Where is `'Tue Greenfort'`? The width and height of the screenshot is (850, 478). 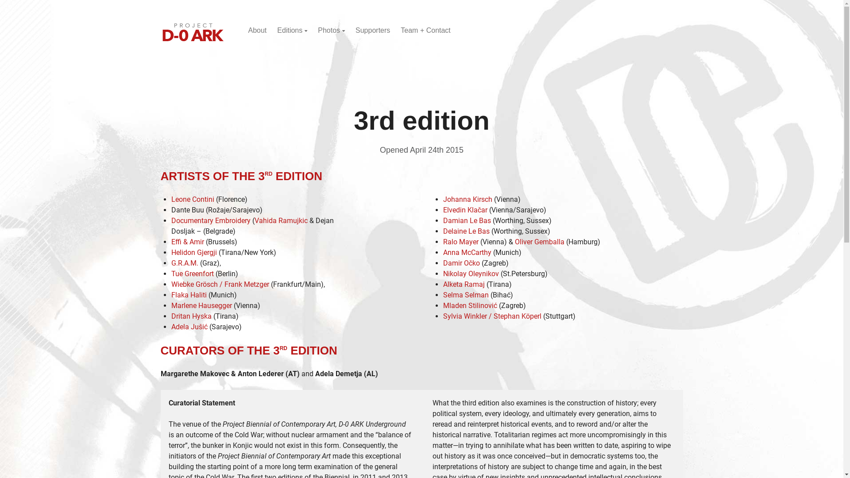
'Tue Greenfort' is located at coordinates (170, 273).